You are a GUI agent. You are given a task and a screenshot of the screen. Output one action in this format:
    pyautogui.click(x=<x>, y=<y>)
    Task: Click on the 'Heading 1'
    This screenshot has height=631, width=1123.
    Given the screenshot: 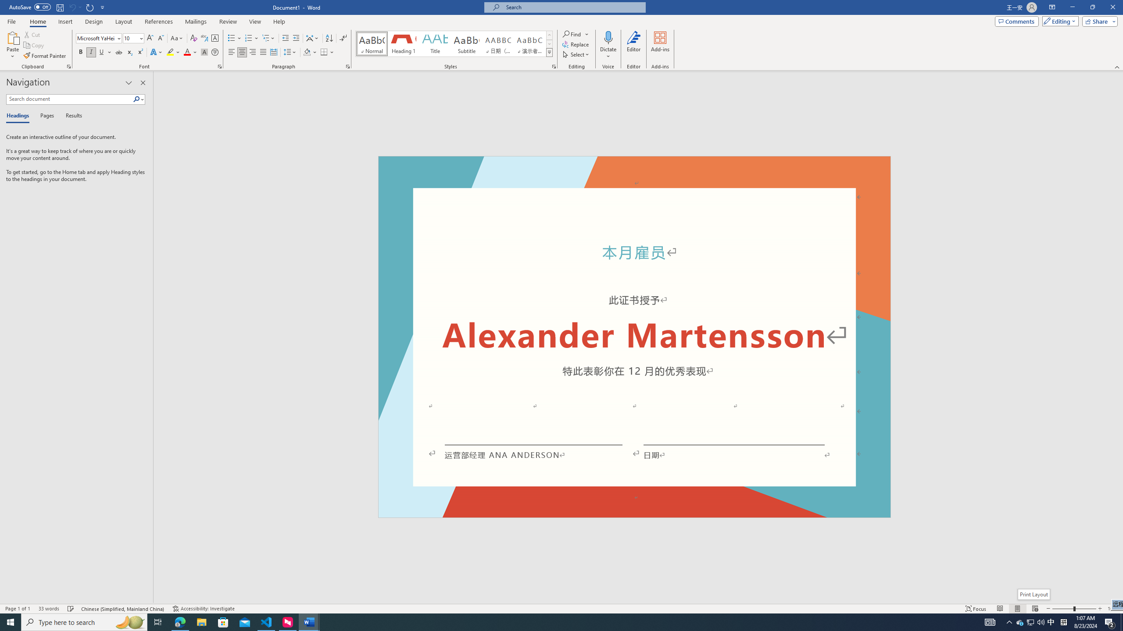 What is the action you would take?
    pyautogui.click(x=403, y=43)
    